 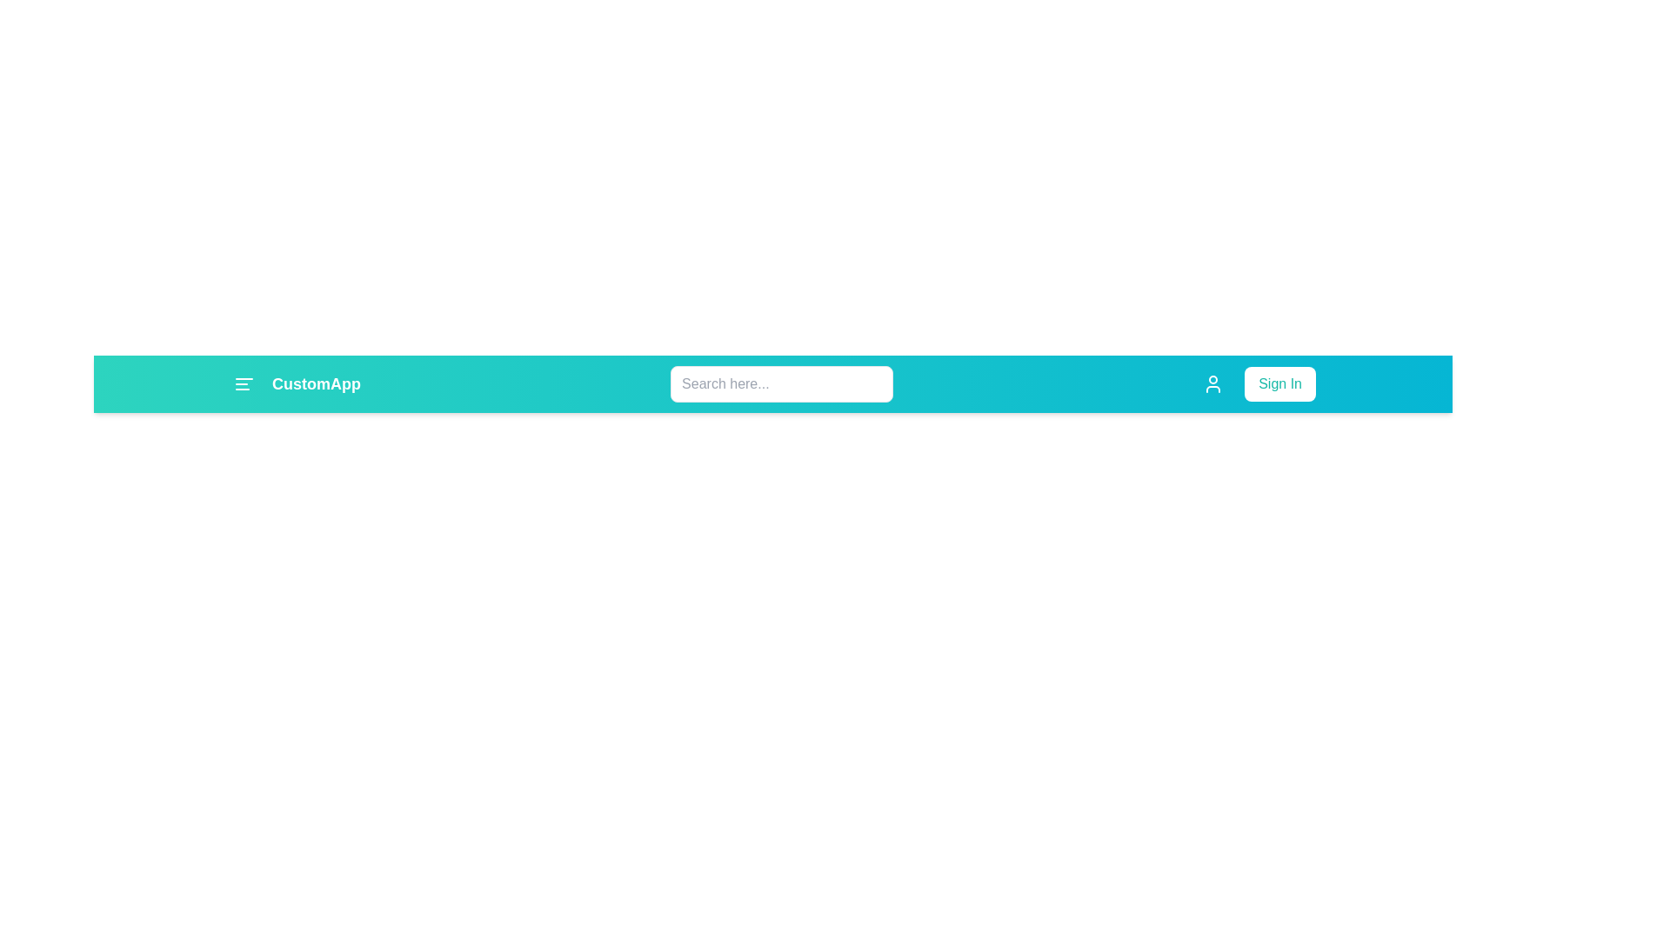 What do you see at coordinates (1212, 383) in the screenshot?
I see `user icon button located in the app bar` at bounding box center [1212, 383].